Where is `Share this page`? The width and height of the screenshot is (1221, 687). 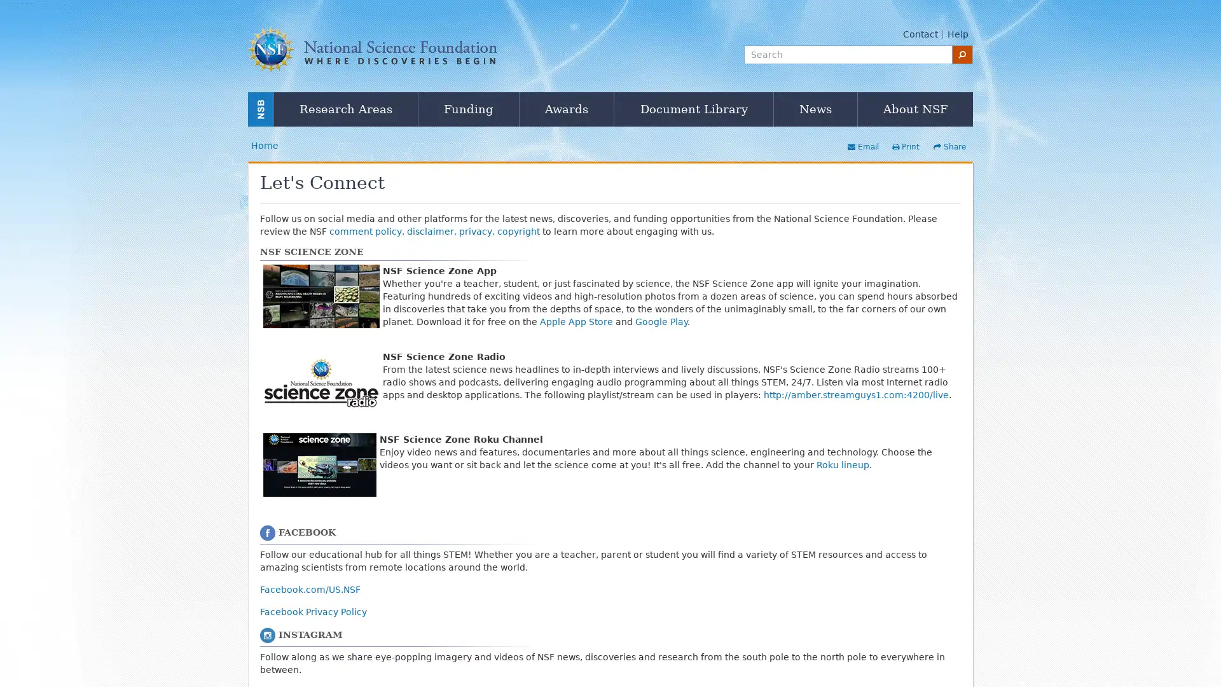 Share this page is located at coordinates (949, 146).